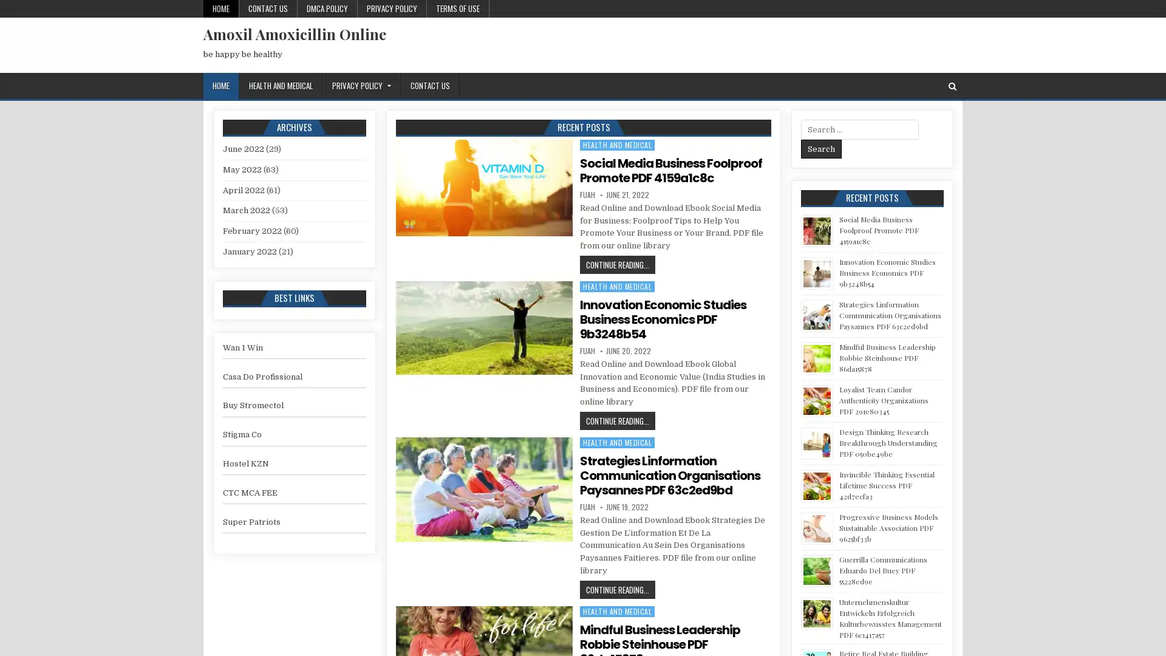 Image resolution: width=1166 pixels, height=656 pixels. Describe the element at coordinates (820, 148) in the screenshot. I see `Search` at that location.